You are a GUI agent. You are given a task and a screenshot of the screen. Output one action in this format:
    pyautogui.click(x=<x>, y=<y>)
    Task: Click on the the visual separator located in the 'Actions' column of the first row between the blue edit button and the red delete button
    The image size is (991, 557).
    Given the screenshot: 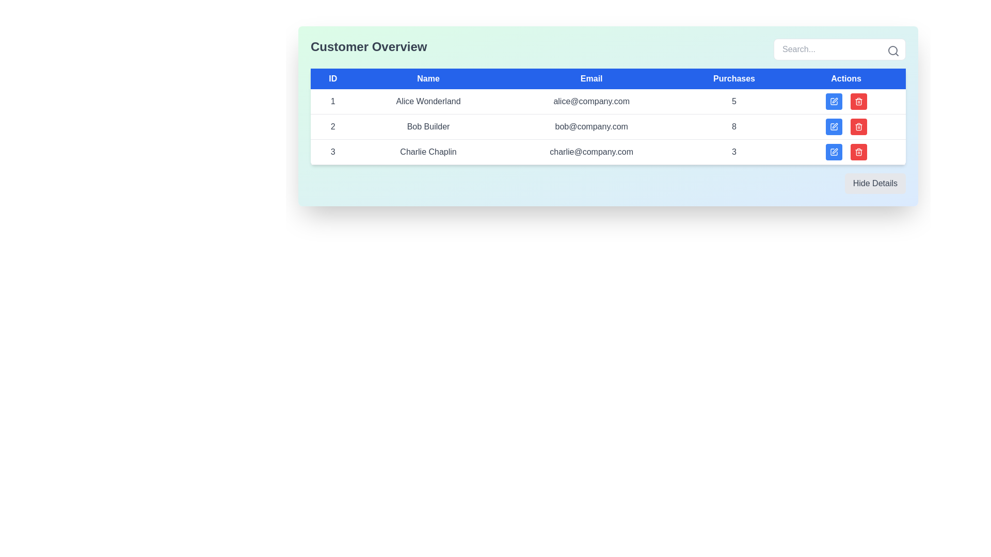 What is the action you would take?
    pyautogui.click(x=846, y=101)
    